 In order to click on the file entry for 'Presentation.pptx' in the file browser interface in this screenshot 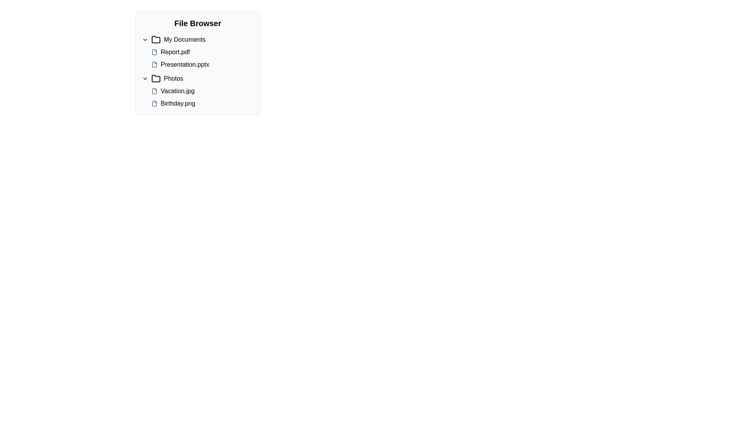, I will do `click(202, 64)`.